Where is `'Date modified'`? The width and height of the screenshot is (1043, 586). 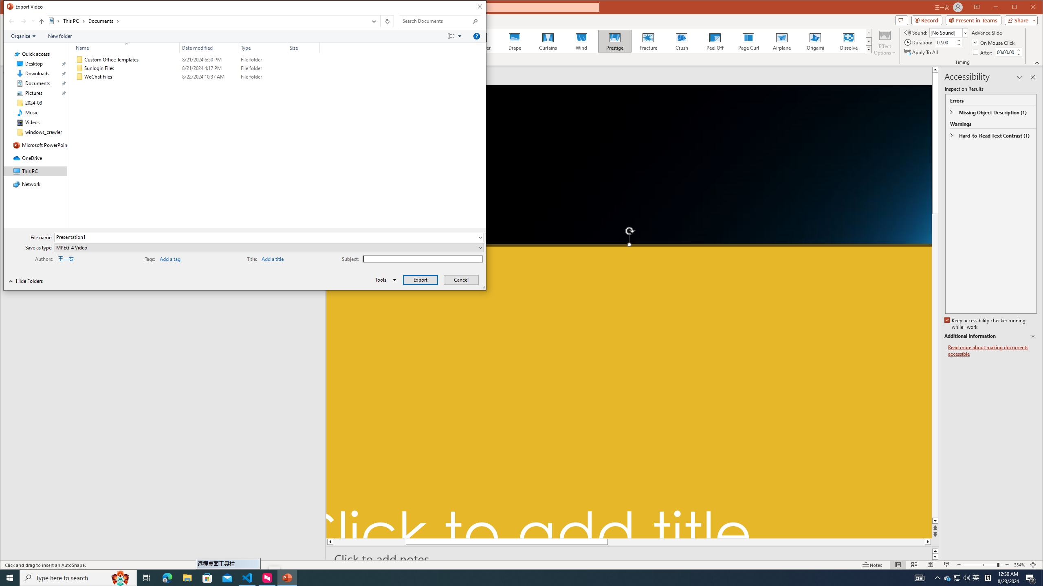
'Date modified' is located at coordinates (209, 47).